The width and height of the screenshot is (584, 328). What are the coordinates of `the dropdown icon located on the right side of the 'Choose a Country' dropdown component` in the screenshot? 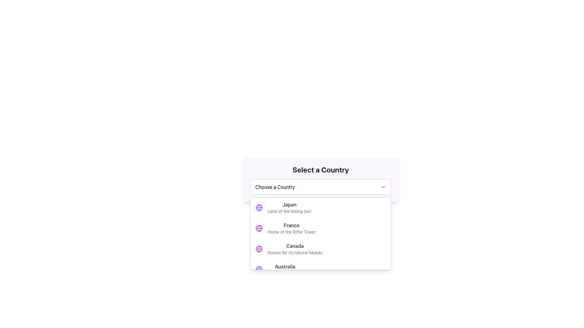 It's located at (383, 187).